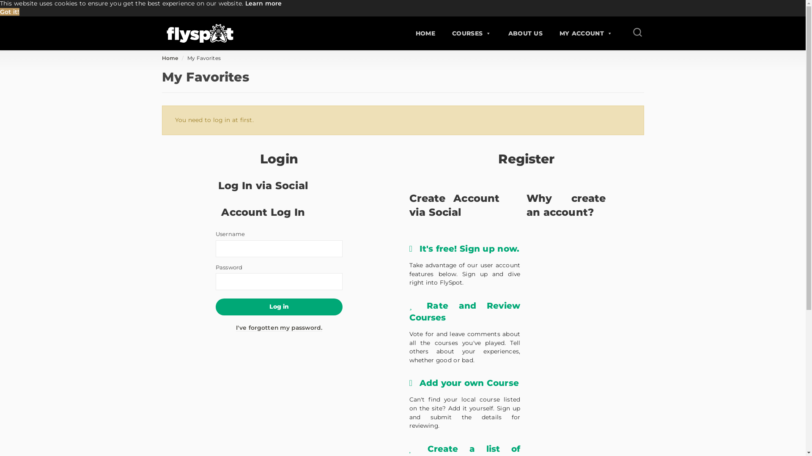 The height and width of the screenshot is (456, 812). Describe the element at coordinates (279, 327) in the screenshot. I see `'I've forgotten my password.'` at that location.